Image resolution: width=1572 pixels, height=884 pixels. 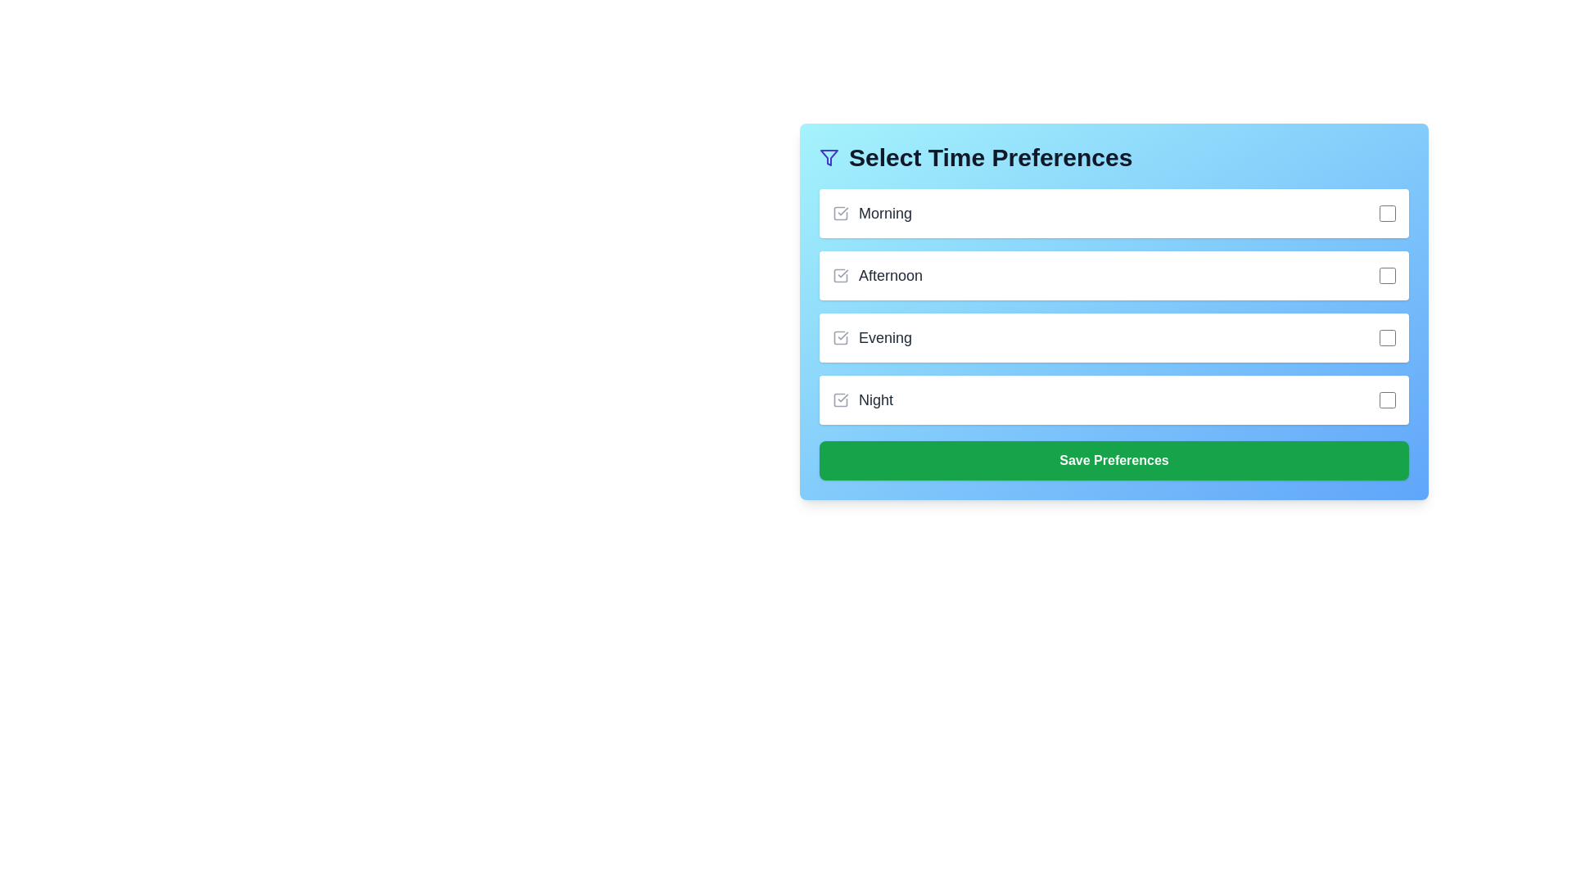 What do you see at coordinates (841, 213) in the screenshot?
I see `the checkbox icon with a check mark located to the left of the 'Morning' text in the 'Select Time Preferences' section` at bounding box center [841, 213].